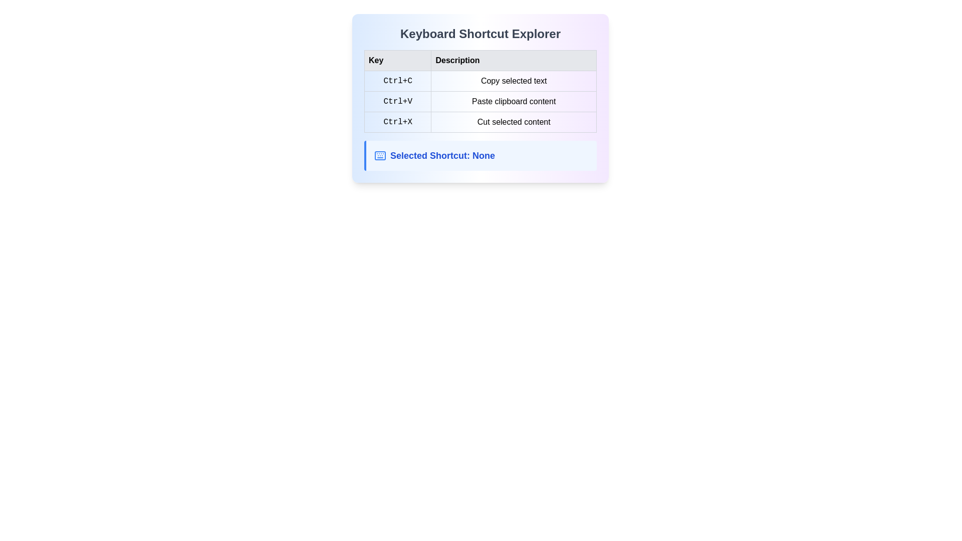 This screenshot has height=541, width=962. What do you see at coordinates (480, 81) in the screenshot?
I see `the List item in the table format that displays 'Ctrl+C' and 'Copy selected text', positioned as the first row under the 'Key' and 'Description' headings` at bounding box center [480, 81].